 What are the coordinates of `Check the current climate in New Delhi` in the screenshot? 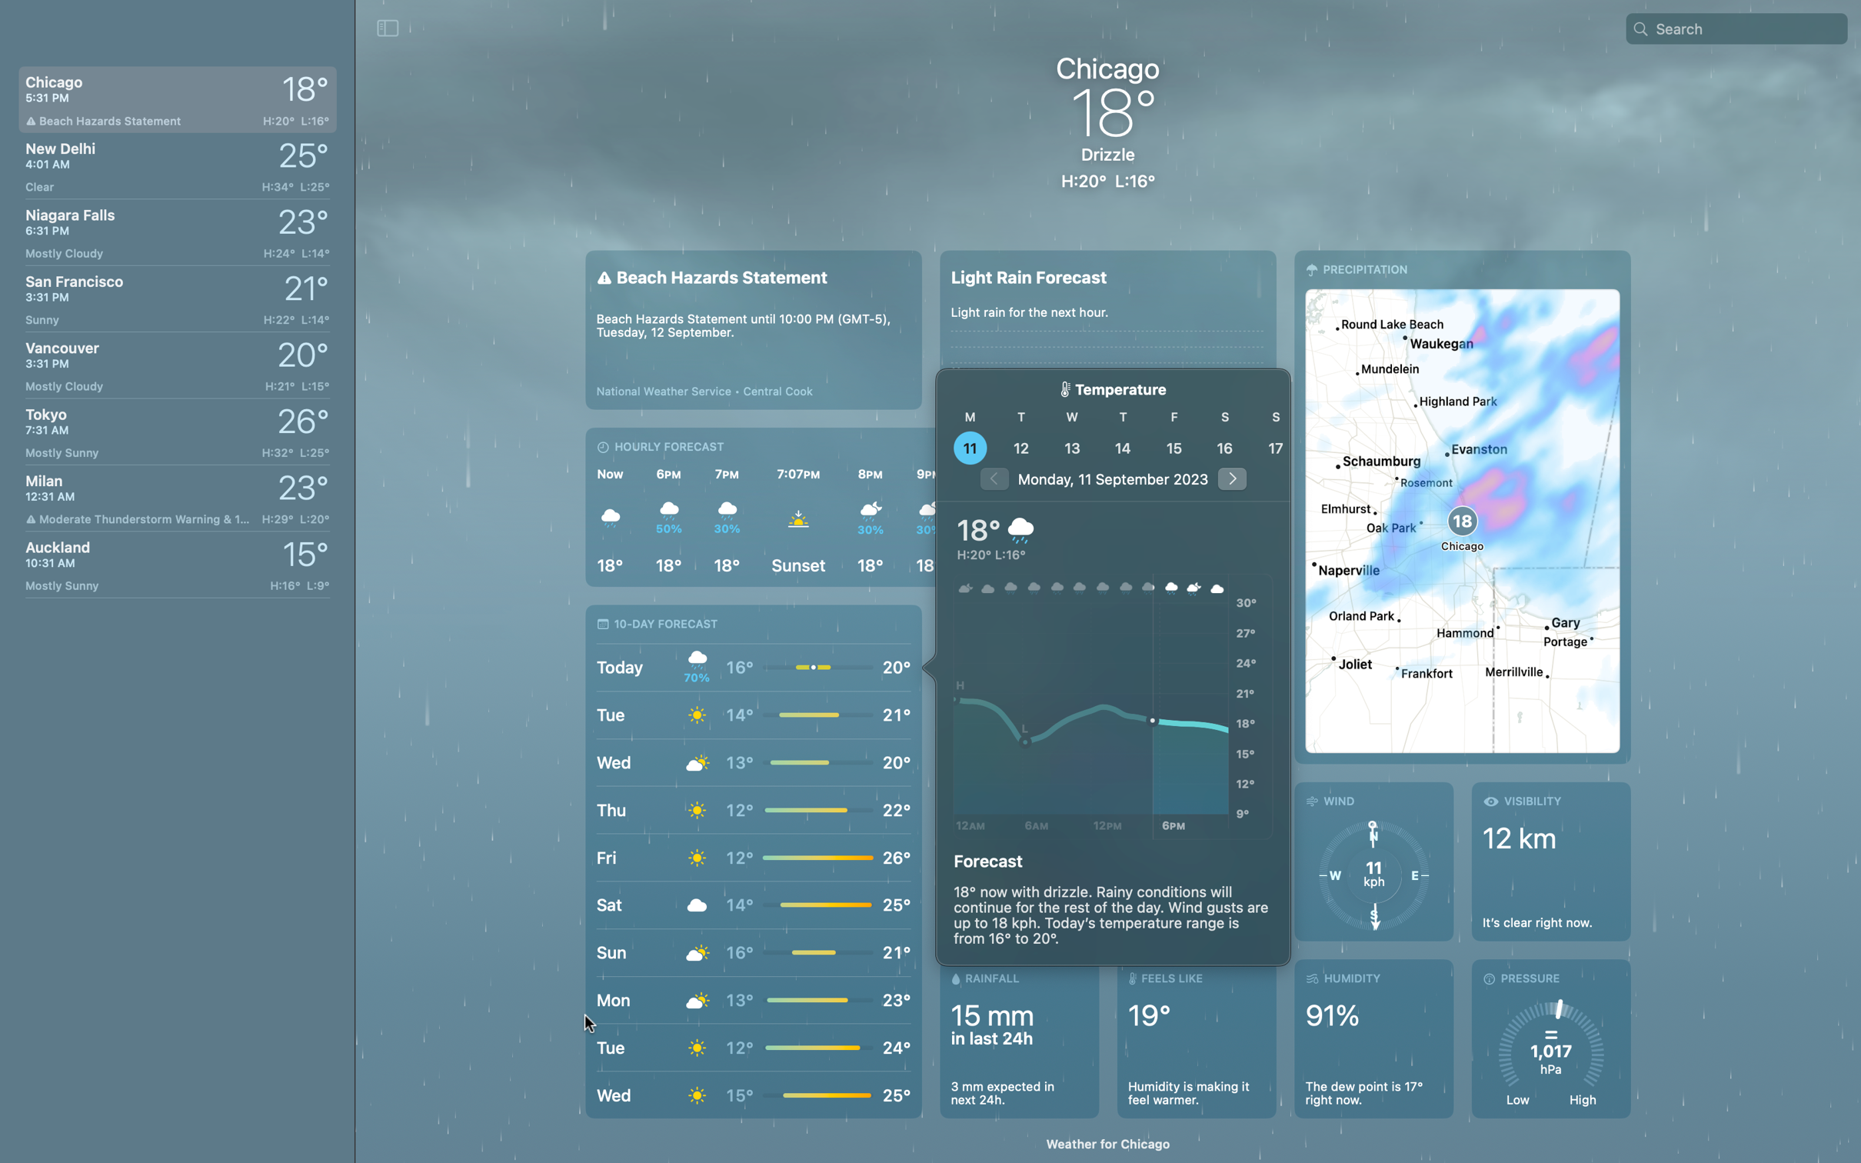 It's located at (176, 163).